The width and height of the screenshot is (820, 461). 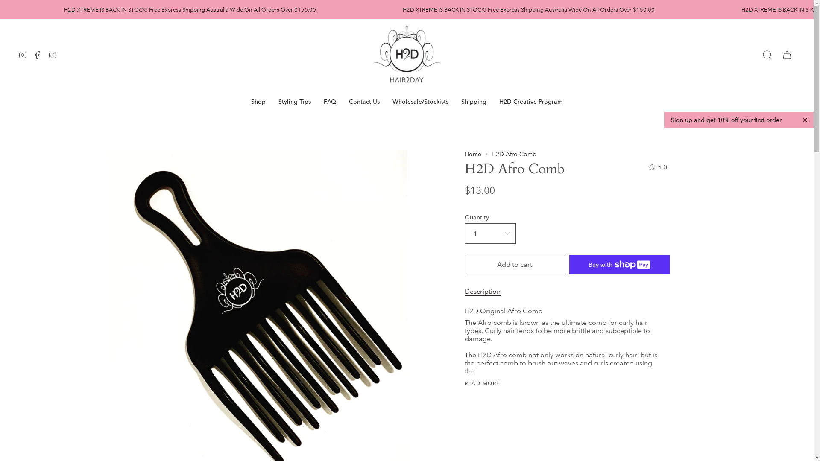 What do you see at coordinates (22, 55) in the screenshot?
I see `'Instagram'` at bounding box center [22, 55].